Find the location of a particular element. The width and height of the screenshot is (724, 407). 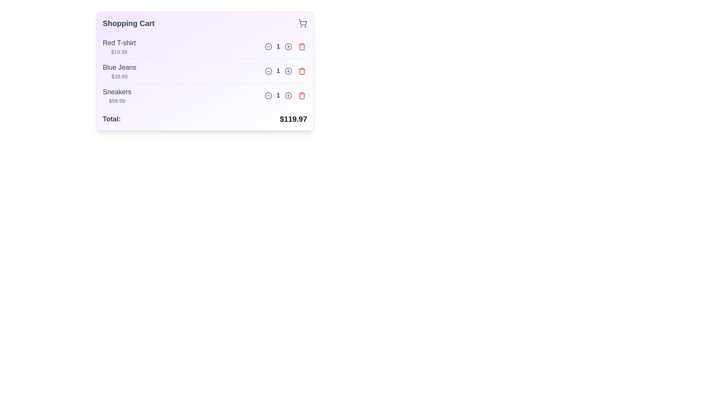

the trash can icon button located in the bottom-right corner of the shopping cart list next to the 'Sneakers' item is located at coordinates (302, 95).